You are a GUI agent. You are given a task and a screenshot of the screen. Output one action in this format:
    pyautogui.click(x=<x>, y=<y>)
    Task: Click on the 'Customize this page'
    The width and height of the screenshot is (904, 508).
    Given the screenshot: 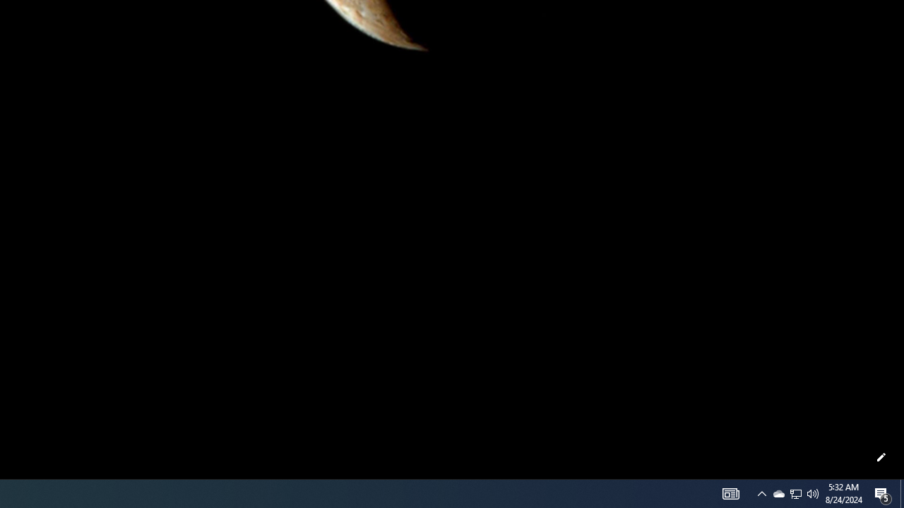 What is the action you would take?
    pyautogui.click(x=881, y=457)
    